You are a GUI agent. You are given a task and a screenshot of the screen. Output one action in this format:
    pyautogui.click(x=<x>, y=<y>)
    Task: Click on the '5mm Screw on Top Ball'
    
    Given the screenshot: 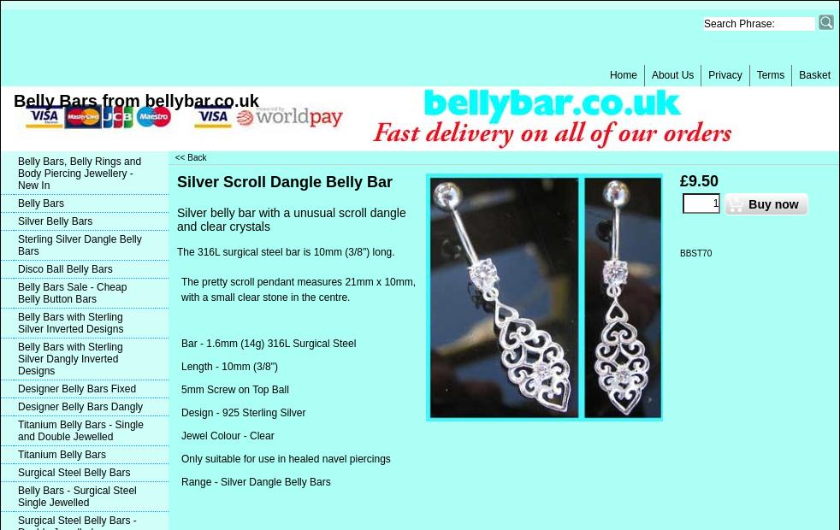 What is the action you would take?
    pyautogui.click(x=180, y=390)
    